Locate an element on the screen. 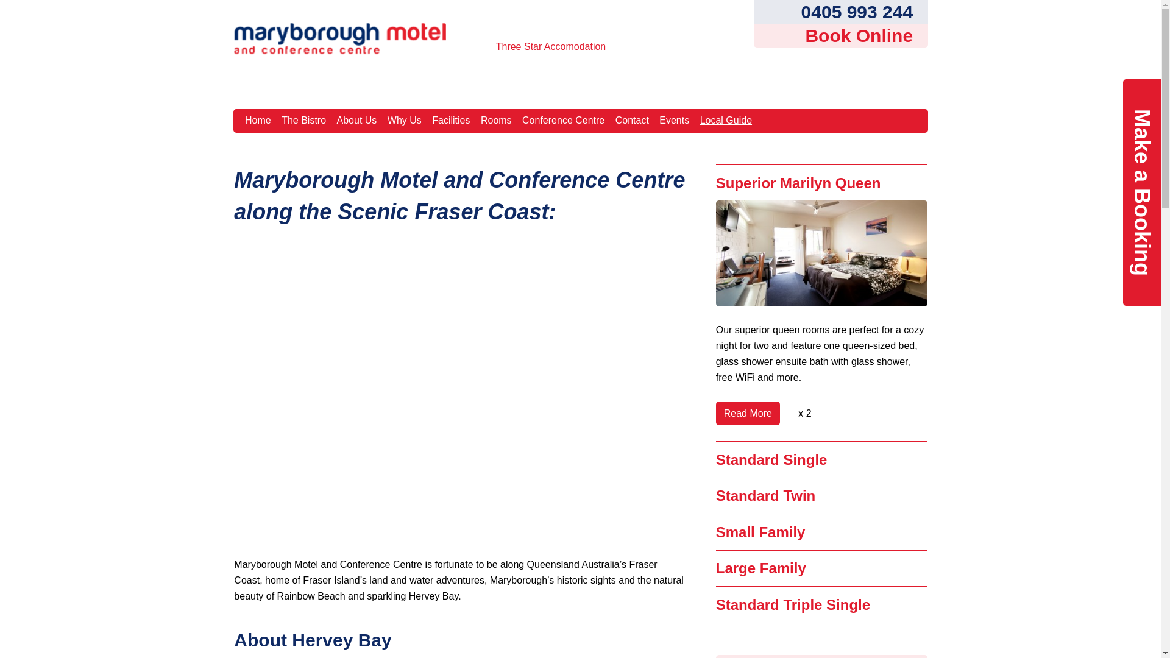 The image size is (1170, 658). 'Contact' is located at coordinates (631, 121).